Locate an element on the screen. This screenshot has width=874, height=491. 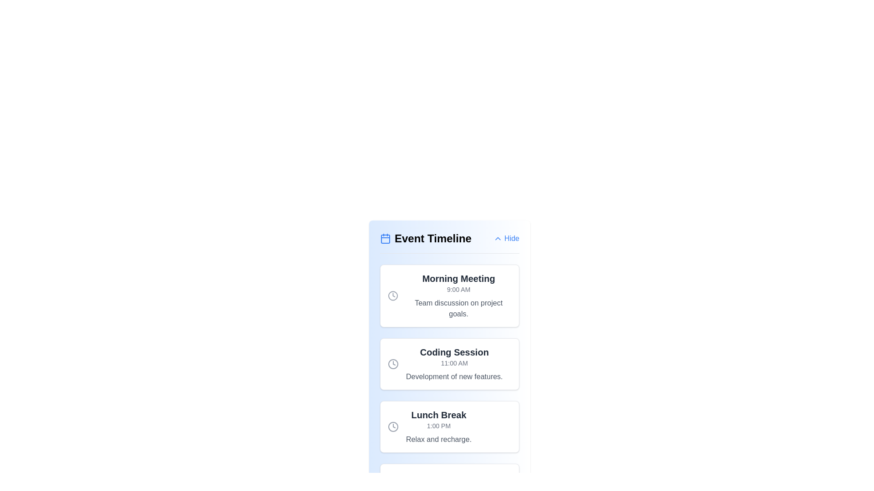
the Clock icon located in the timeline interface, adjacent to the '11:00 AM' text, indicating time-related information is located at coordinates (393, 364).